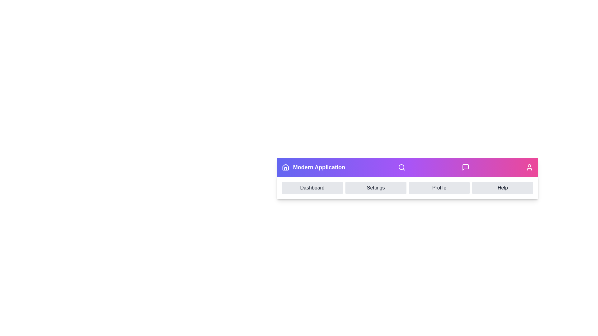 The height and width of the screenshot is (336, 598). I want to click on the Search icon in the top navigation bar, so click(401, 167).